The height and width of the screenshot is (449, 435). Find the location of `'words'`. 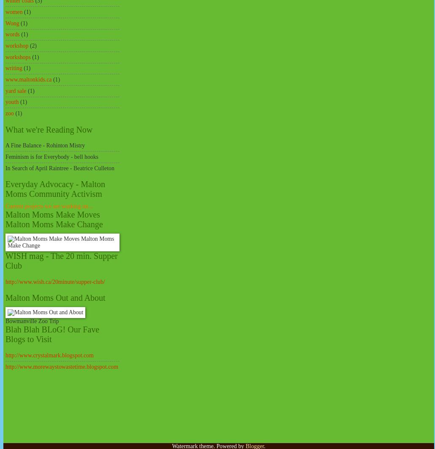

'words' is located at coordinates (12, 34).